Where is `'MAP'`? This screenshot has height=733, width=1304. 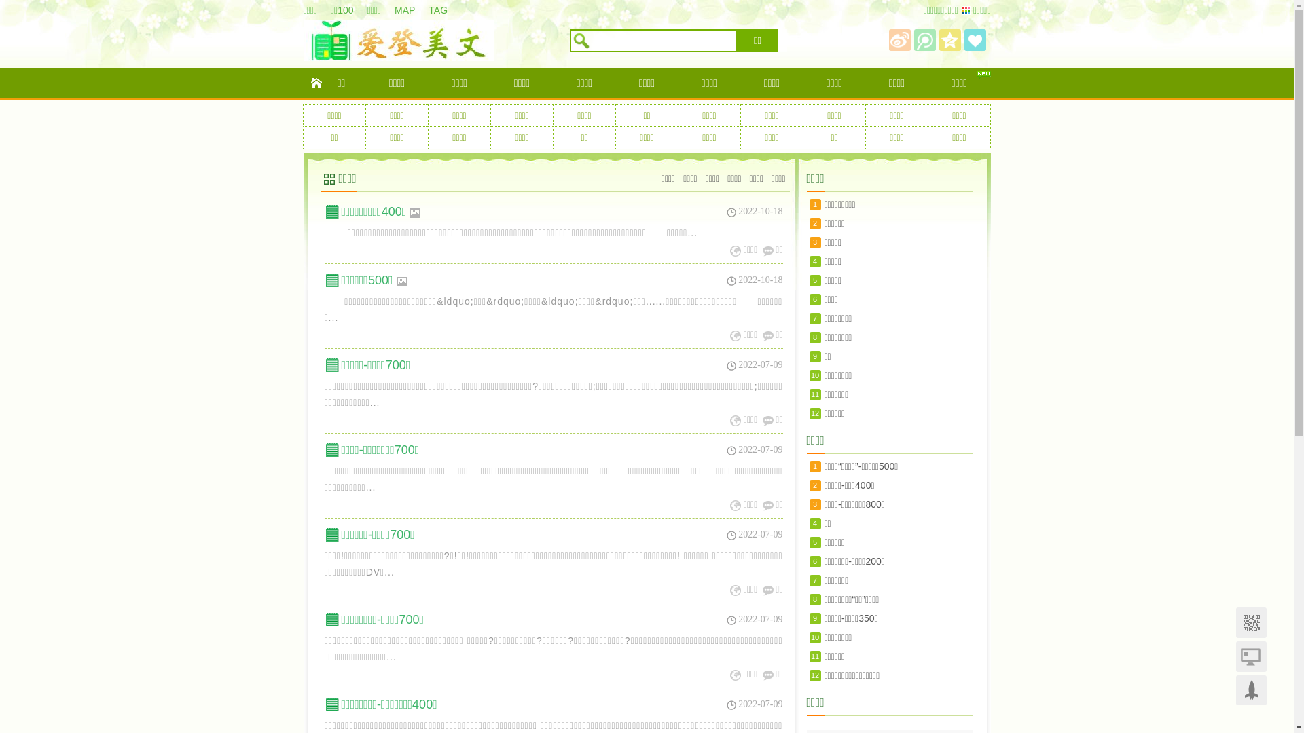 'MAP' is located at coordinates (410, 10).